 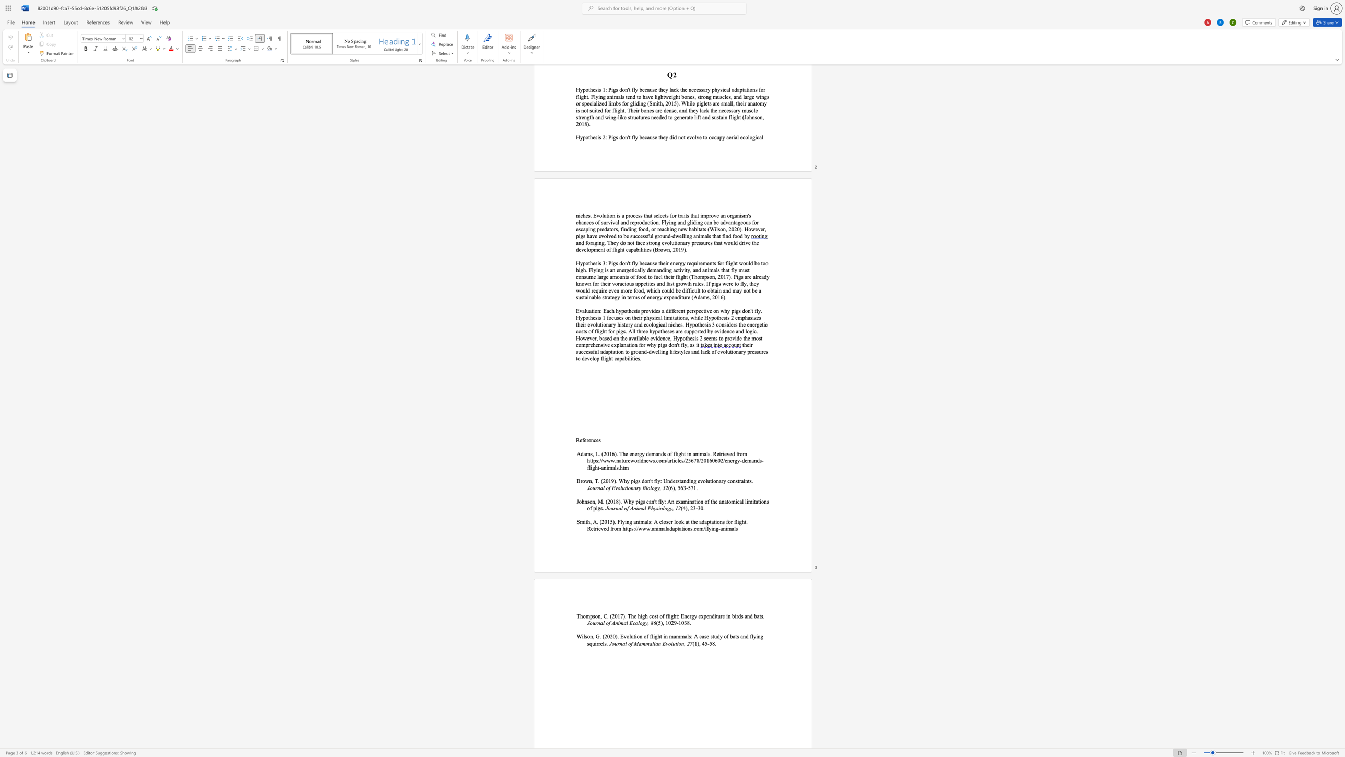 What do you see at coordinates (652, 487) in the screenshot?
I see `the space between the continuous character "l" and "o" in the text` at bounding box center [652, 487].